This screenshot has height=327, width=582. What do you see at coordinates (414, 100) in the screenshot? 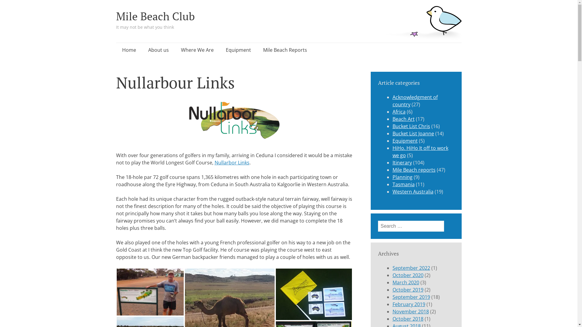
I see `'Acknowledgment of country'` at bounding box center [414, 100].